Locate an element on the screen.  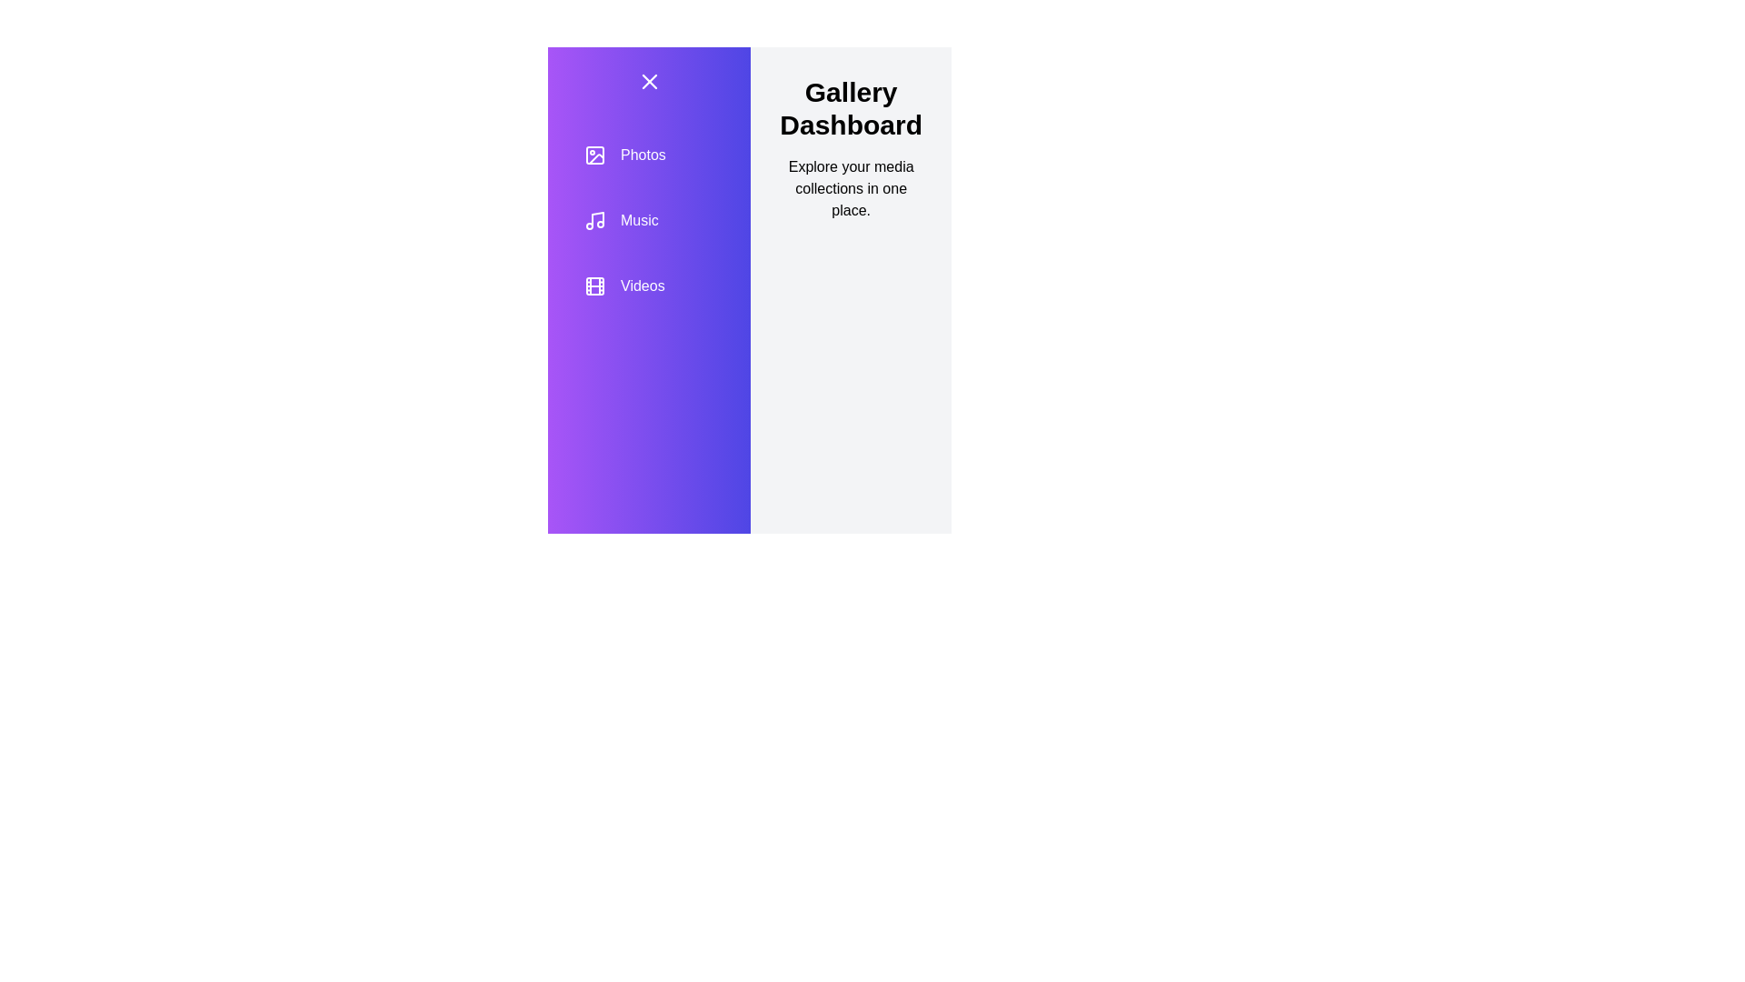
the text Explore your media collections in one place. in the component is located at coordinates (850, 189).